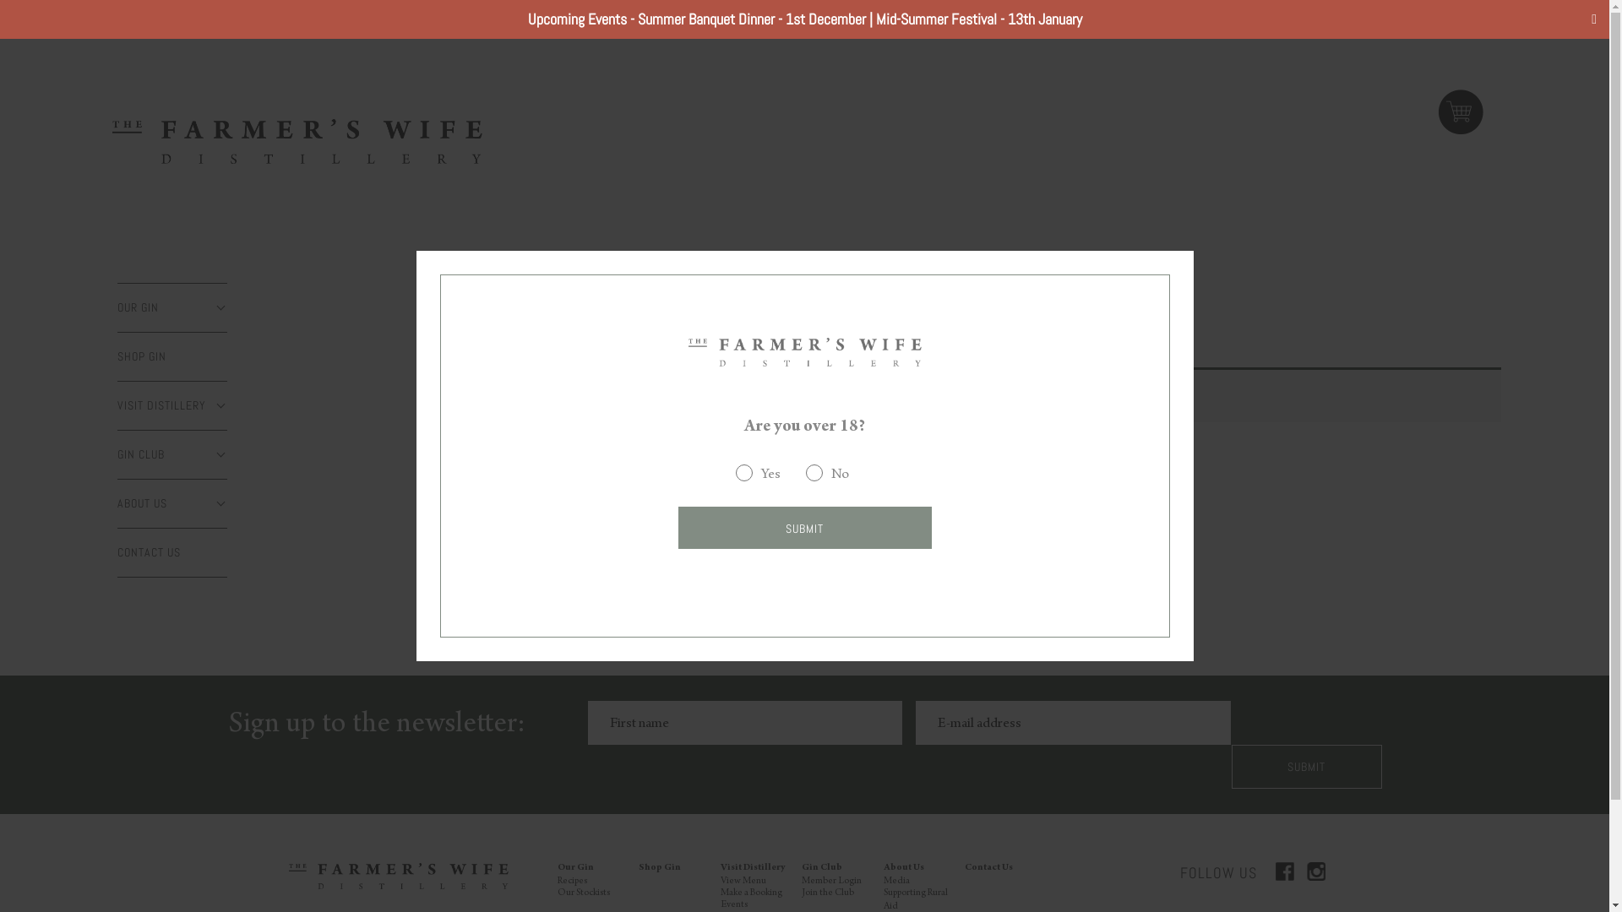 The image size is (1622, 912). Describe the element at coordinates (214, 503) in the screenshot. I see `'CLOSE'` at that location.